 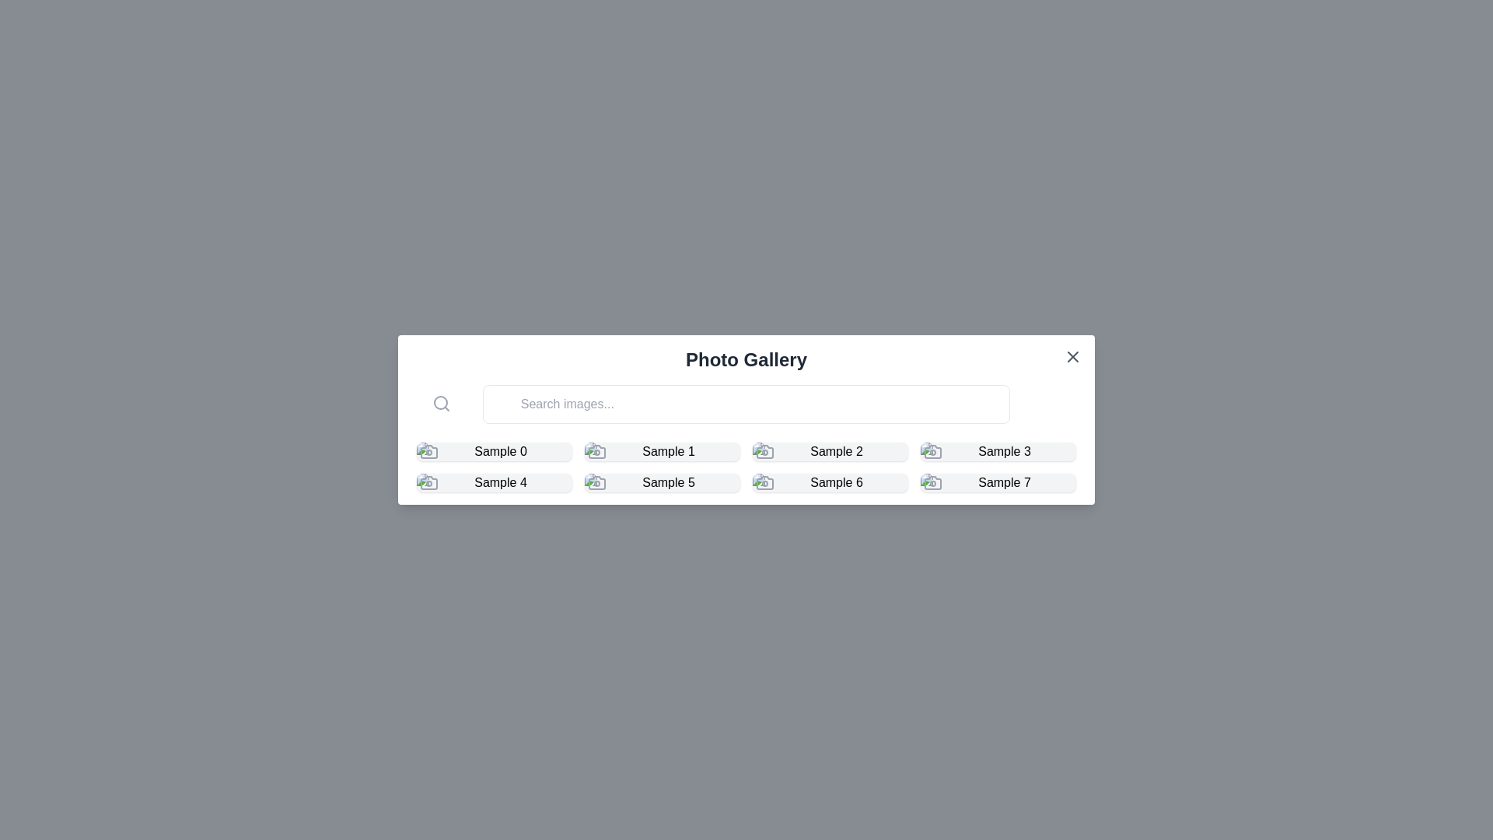 What do you see at coordinates (429, 452) in the screenshot?
I see `the camera icon styled in outlined art format located in the top-left placeholder section of the photo gallery grid layout, adjacent to the label 'Sample 0'` at bounding box center [429, 452].